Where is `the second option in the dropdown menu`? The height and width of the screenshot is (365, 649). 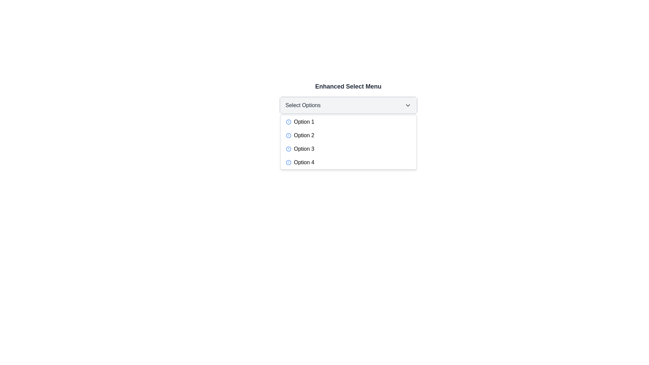
the second option in the dropdown menu is located at coordinates (299, 136).